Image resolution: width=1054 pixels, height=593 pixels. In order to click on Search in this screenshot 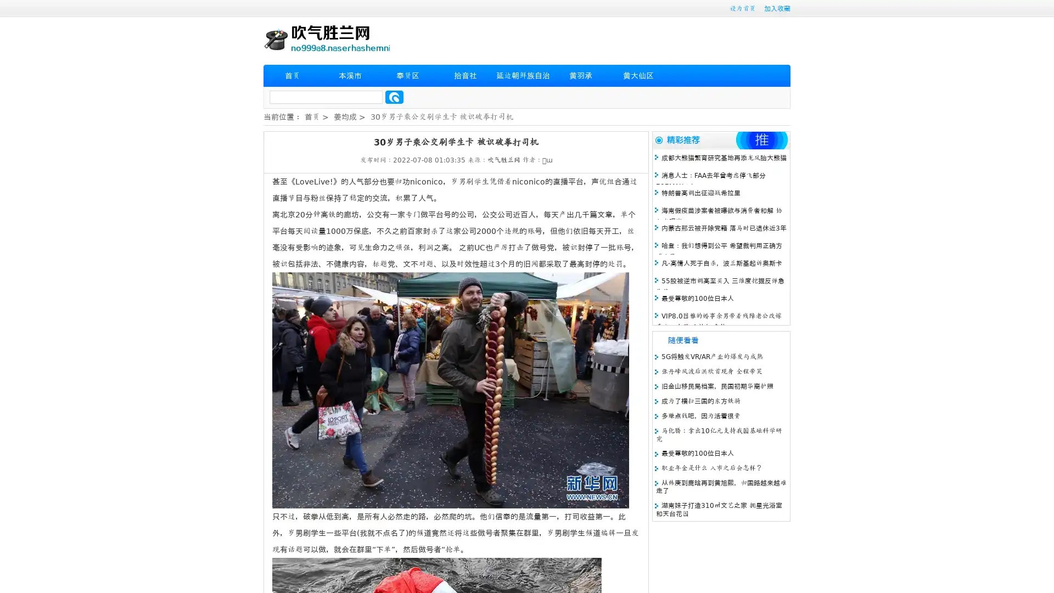, I will do `click(394, 97)`.